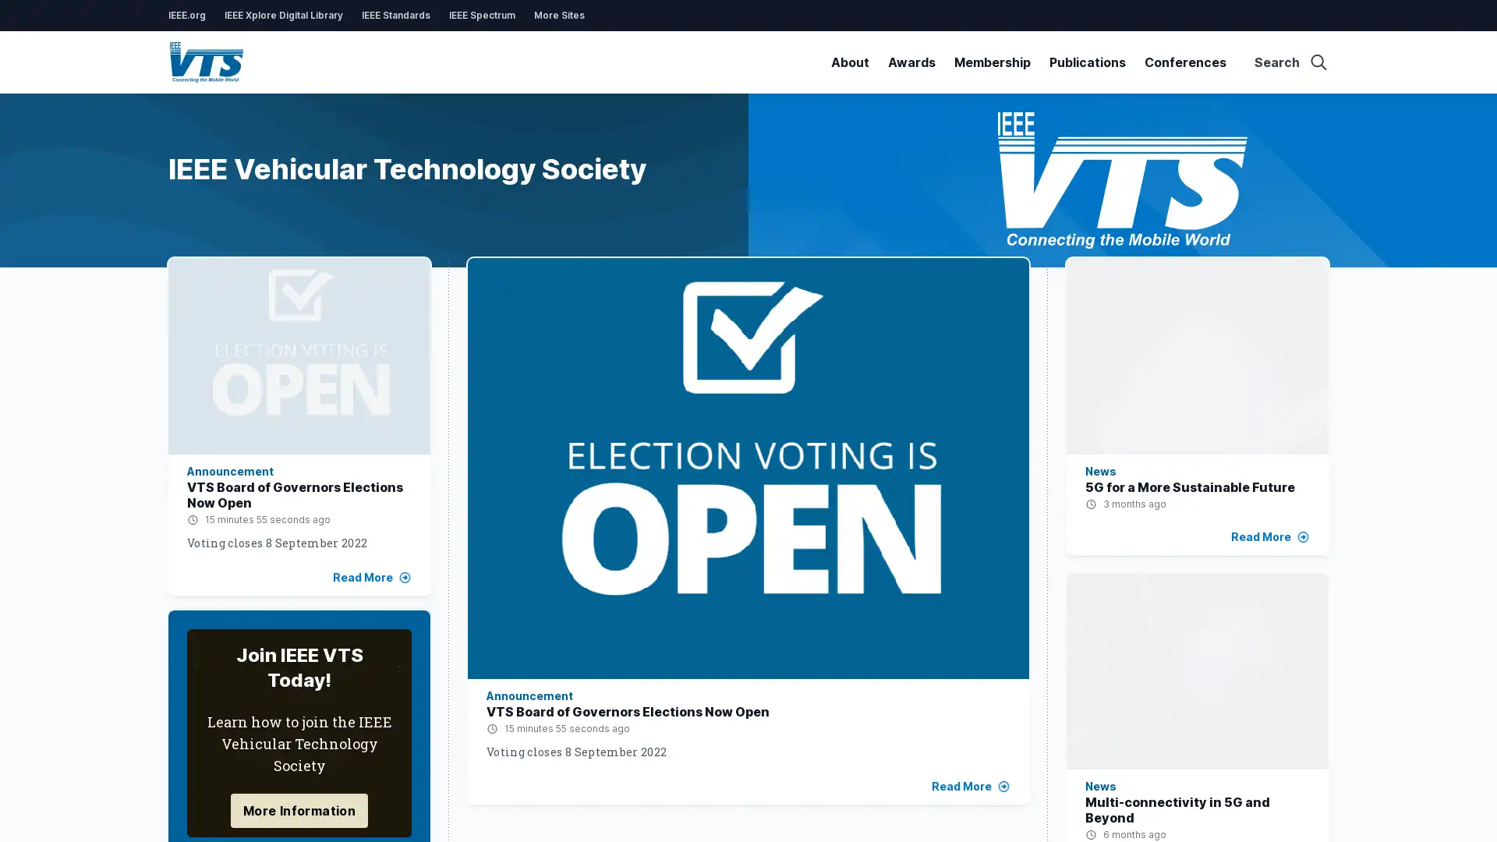  Describe the element at coordinates (849, 62) in the screenshot. I see `About` at that location.